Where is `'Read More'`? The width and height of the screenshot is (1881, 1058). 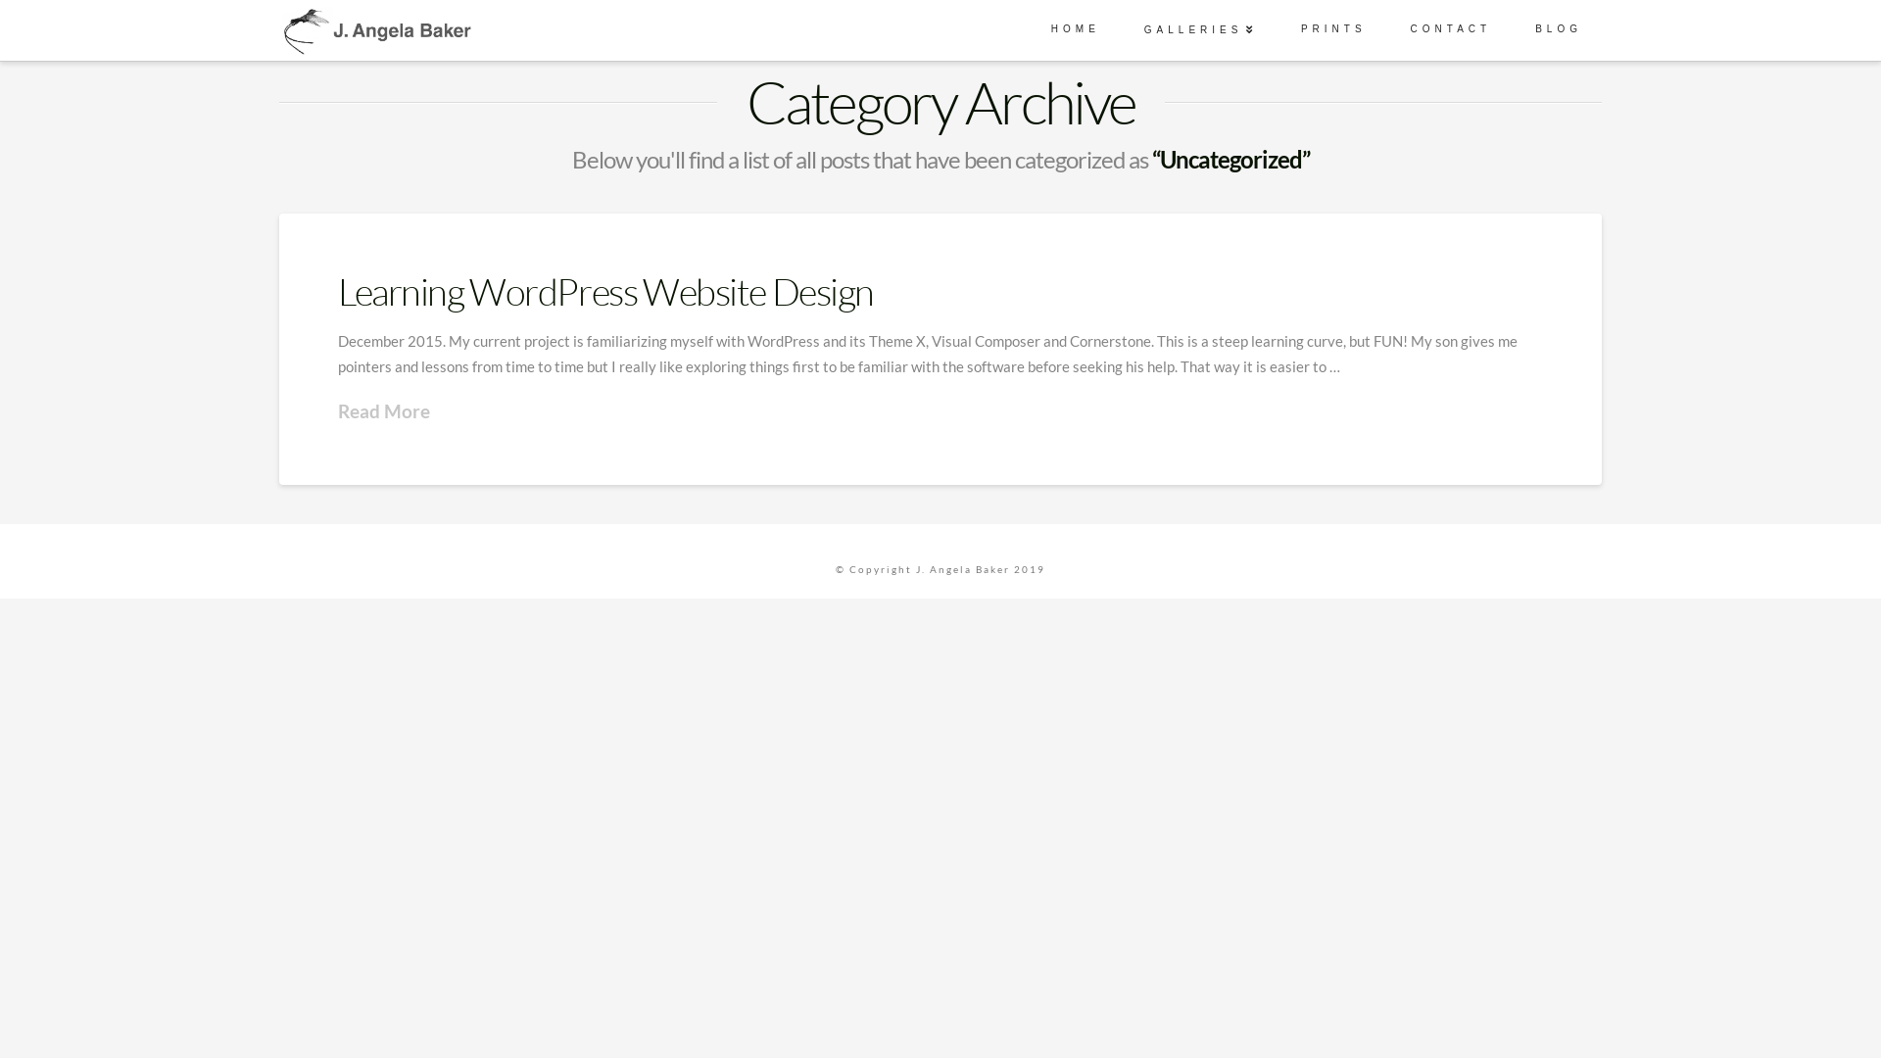 'Read More' is located at coordinates (384, 410).